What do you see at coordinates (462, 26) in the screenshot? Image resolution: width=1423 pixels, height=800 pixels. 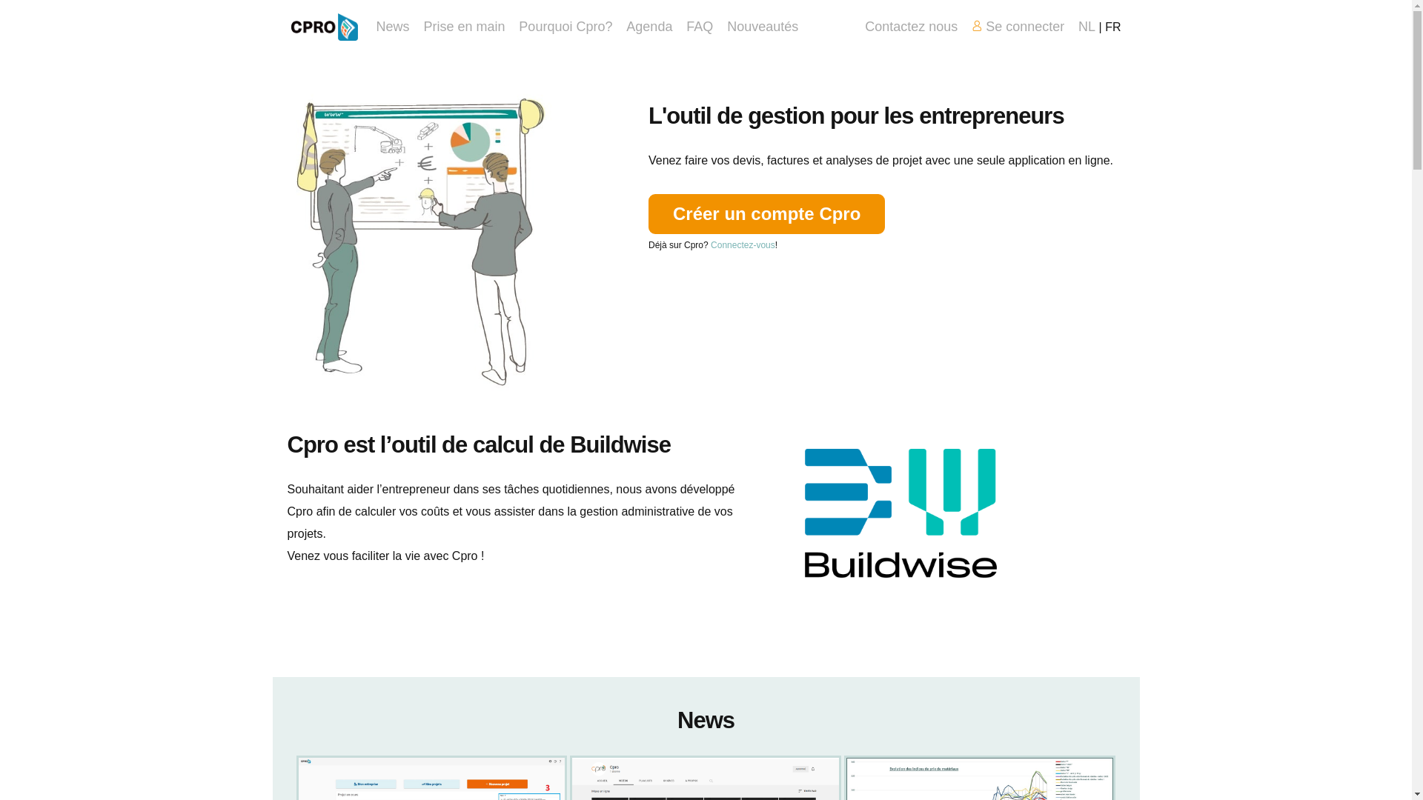 I see `'Prise en main'` at bounding box center [462, 26].